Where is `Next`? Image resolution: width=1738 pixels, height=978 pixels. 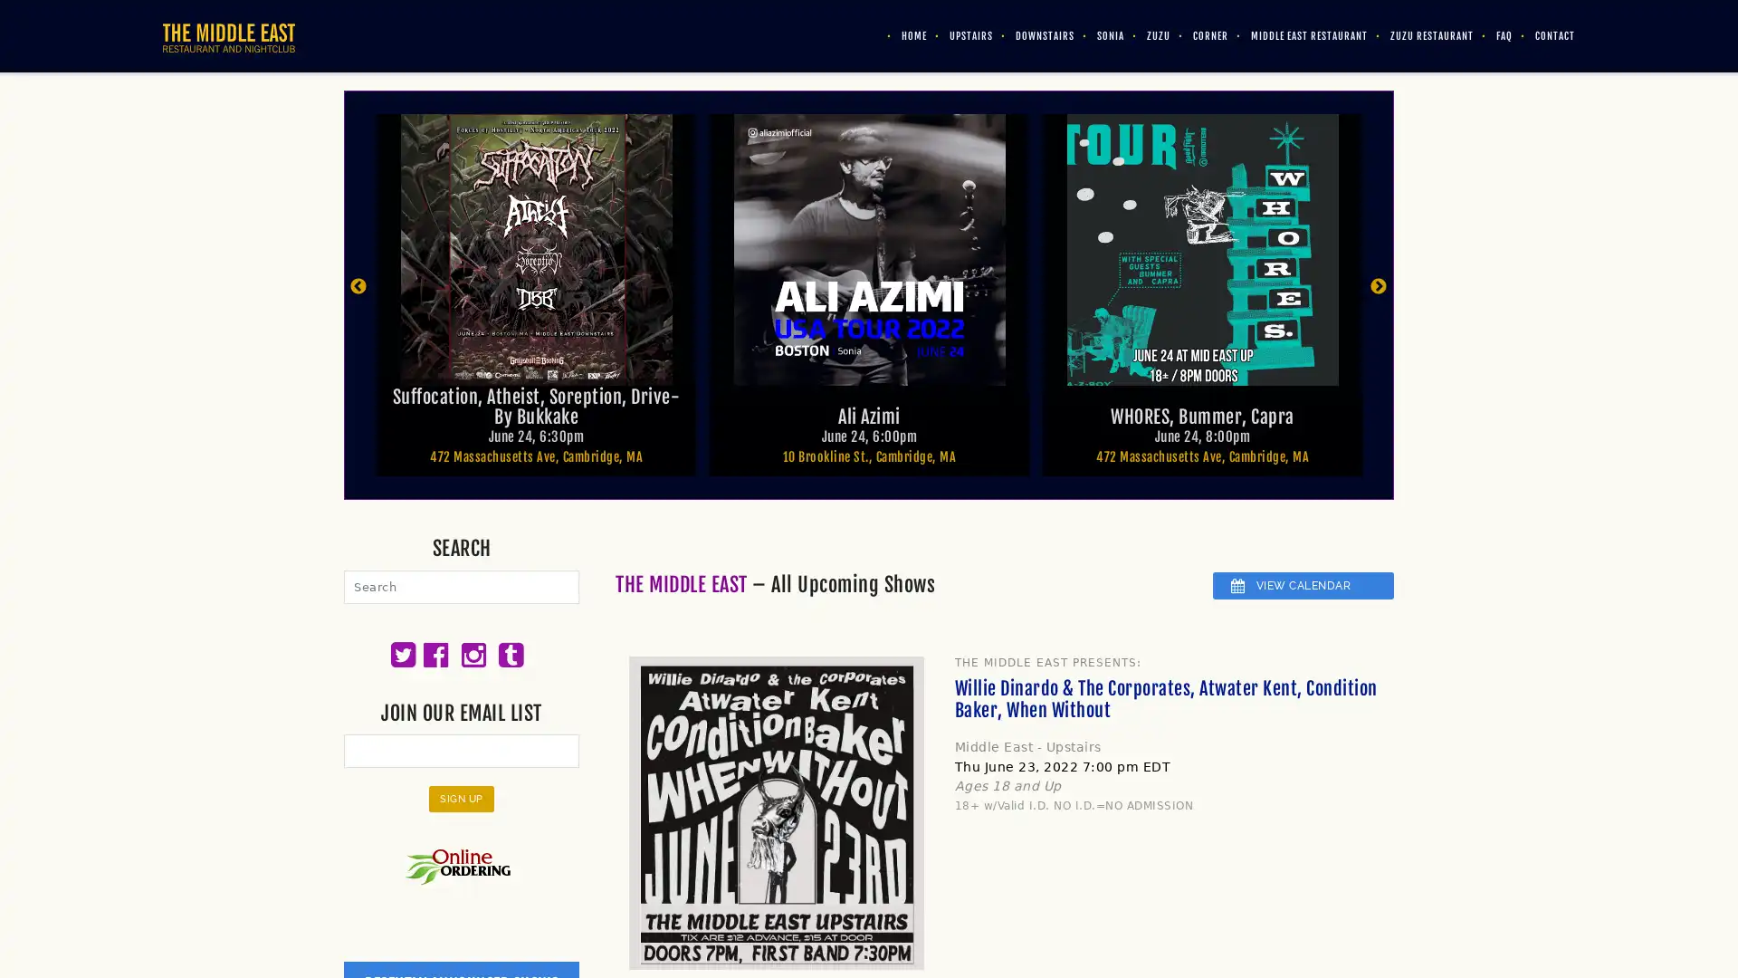
Next is located at coordinates (1378, 285).